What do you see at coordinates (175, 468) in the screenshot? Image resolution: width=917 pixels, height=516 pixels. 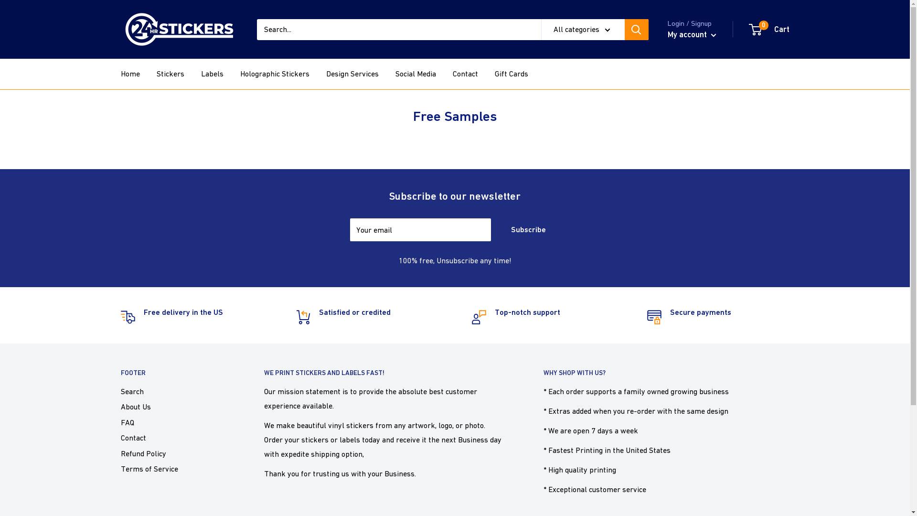 I see `'Terms of Service'` at bounding box center [175, 468].